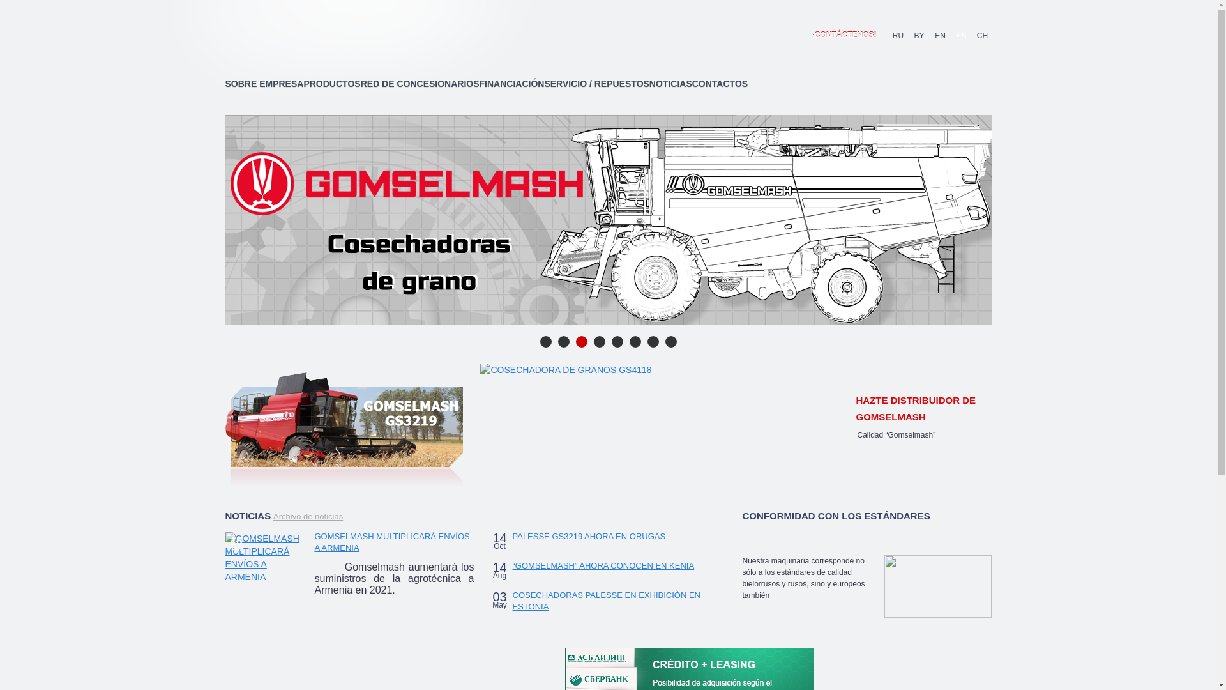  What do you see at coordinates (308, 516) in the screenshot?
I see `'Archivo de noticias'` at bounding box center [308, 516].